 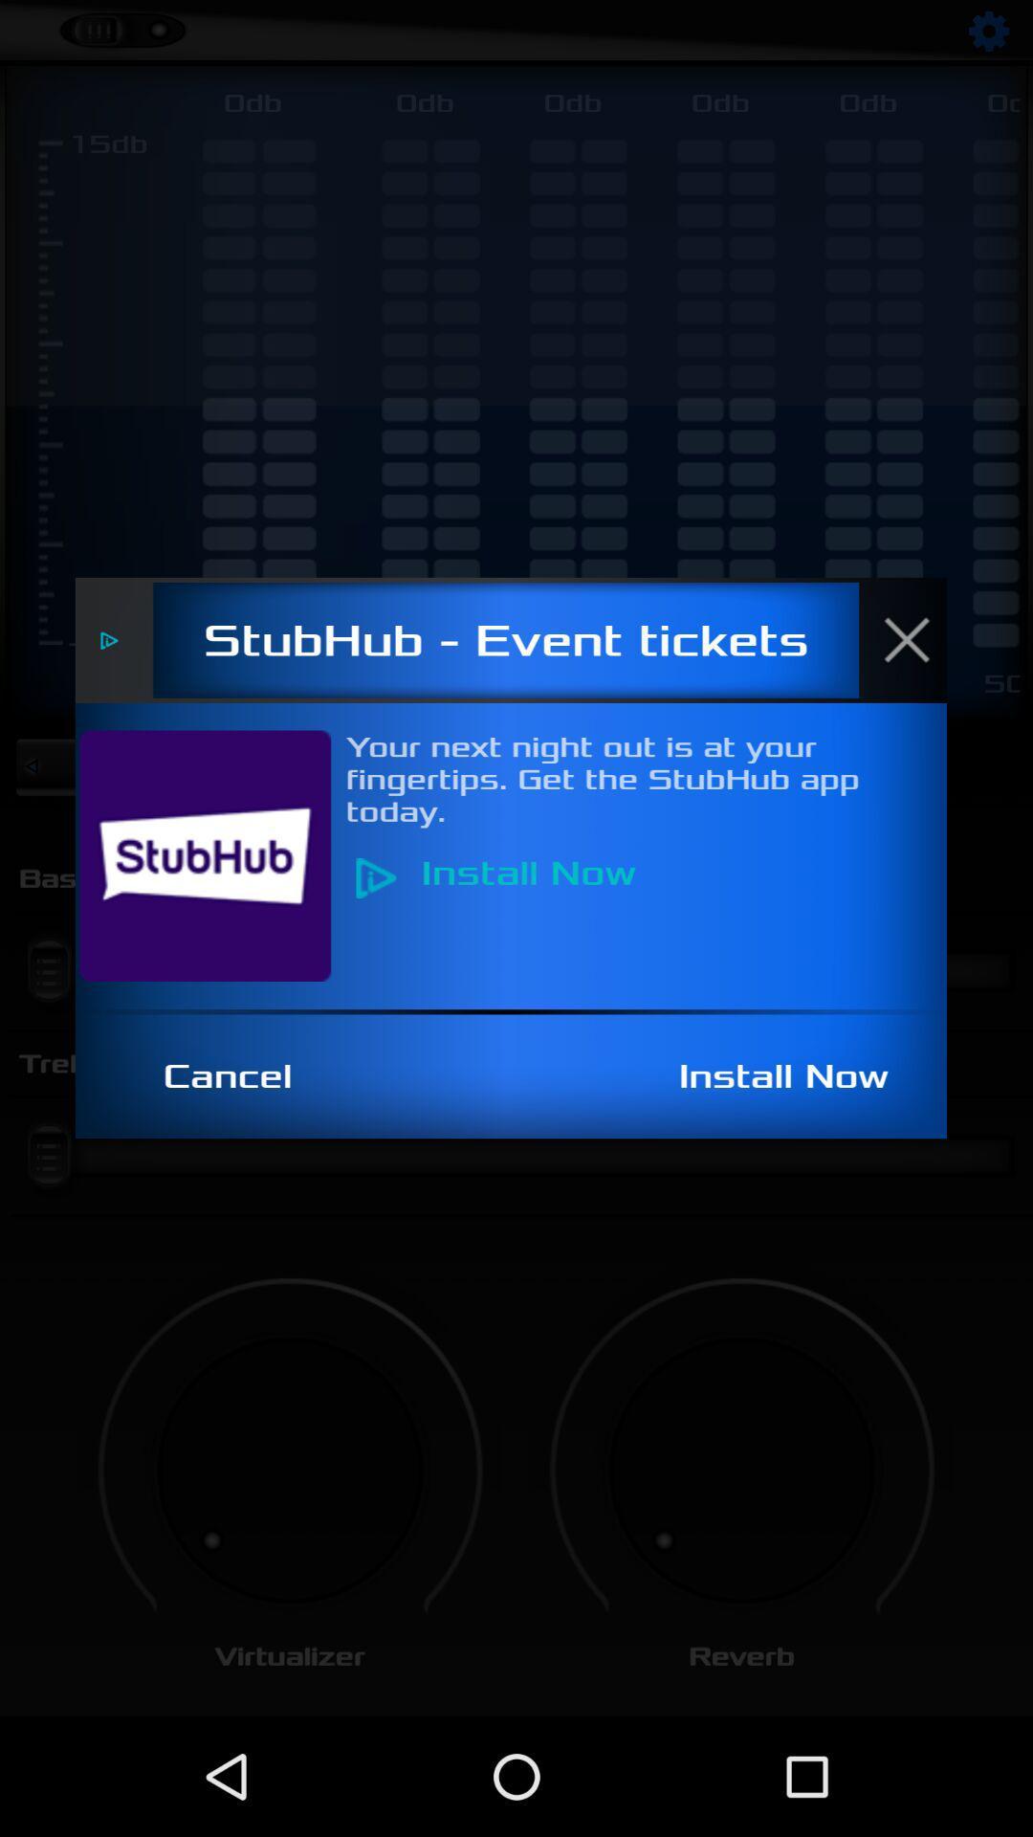 What do you see at coordinates (215, 854) in the screenshot?
I see `open a webpage` at bounding box center [215, 854].